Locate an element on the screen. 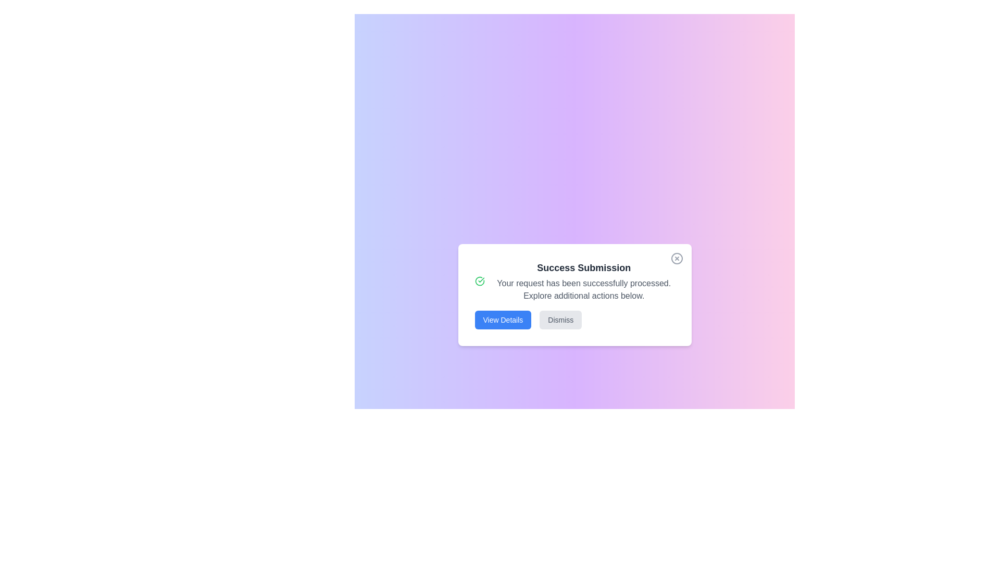  the circular green checkmark icon located on the left side of the dialog box, adjacent to the 'Success Submission' text is located at coordinates (479, 281).